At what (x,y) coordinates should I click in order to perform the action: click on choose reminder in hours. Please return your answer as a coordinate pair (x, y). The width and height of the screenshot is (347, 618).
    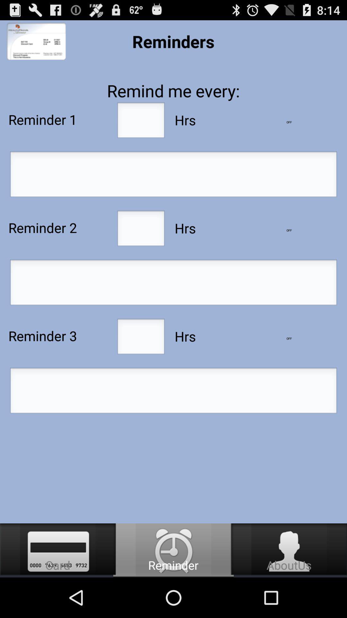
    Looking at the image, I should click on (140, 230).